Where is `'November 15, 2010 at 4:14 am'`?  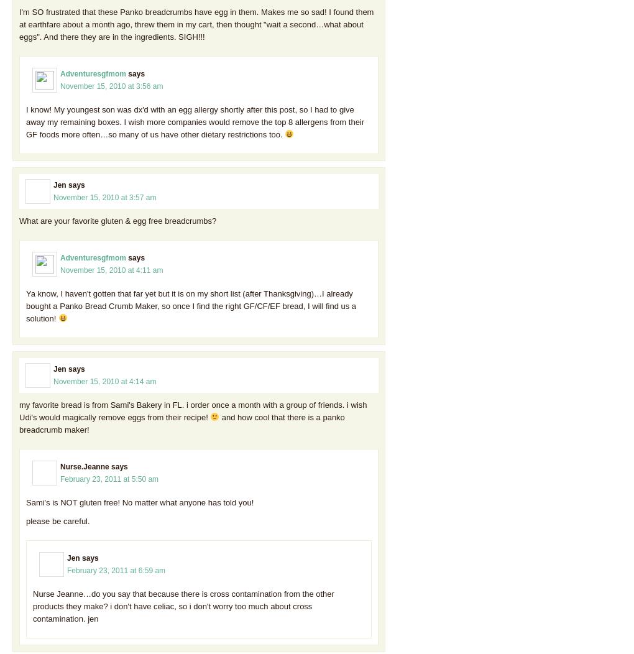
'November 15, 2010 at 4:14 am' is located at coordinates (104, 380).